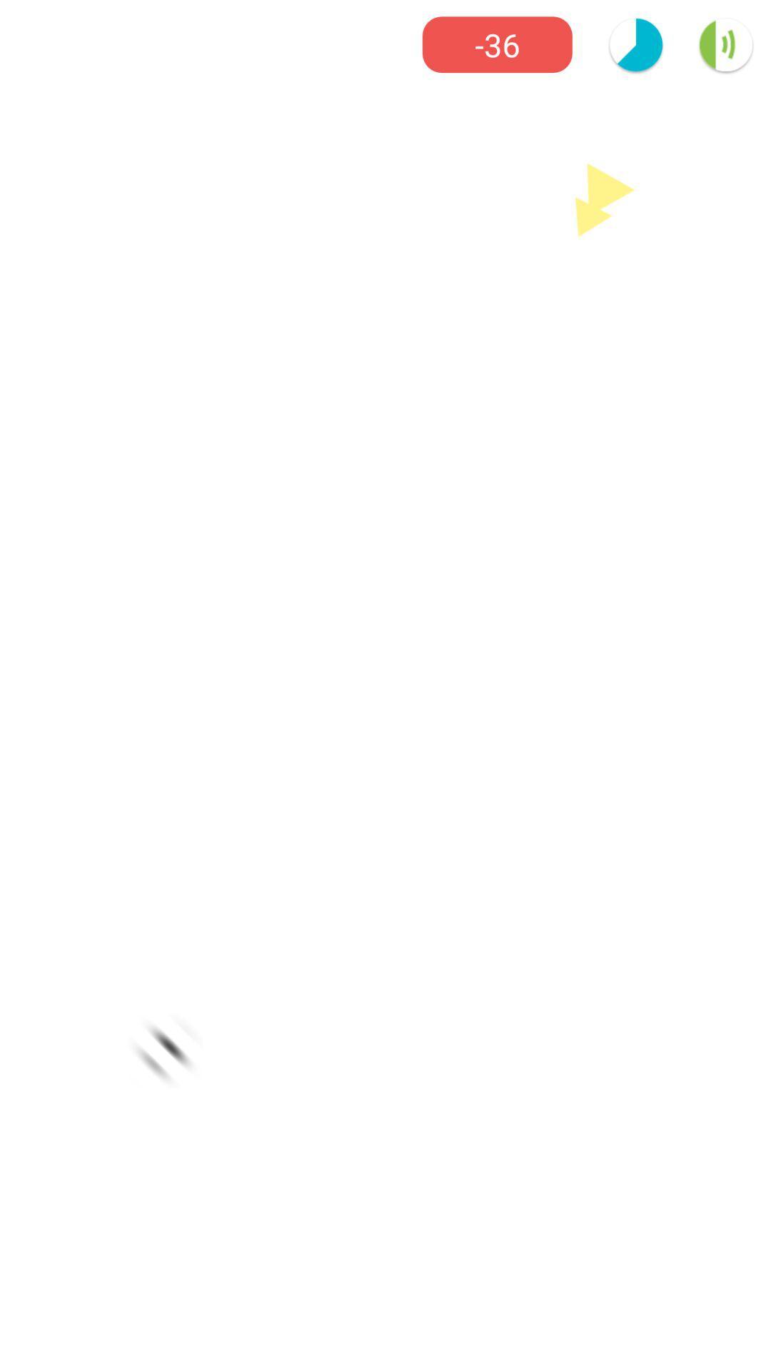 The height and width of the screenshot is (1371, 771). I want to click on the volume icon, so click(726, 44).